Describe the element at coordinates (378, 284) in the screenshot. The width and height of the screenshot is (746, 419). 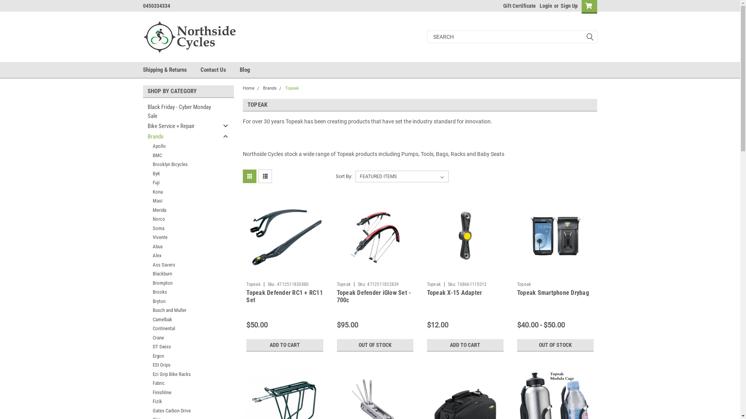
I see `'Sku: 4712511832839'` at that location.